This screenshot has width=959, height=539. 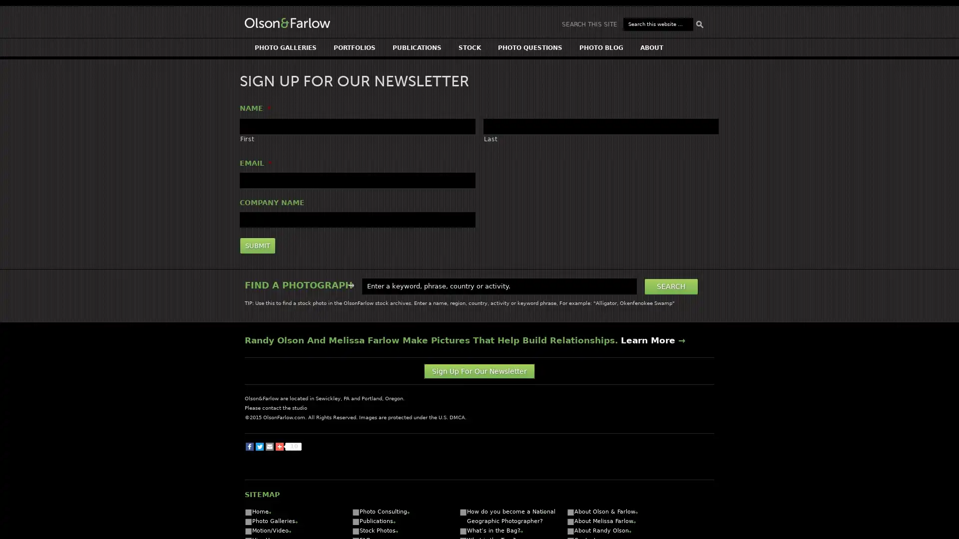 What do you see at coordinates (671, 286) in the screenshot?
I see `Search` at bounding box center [671, 286].